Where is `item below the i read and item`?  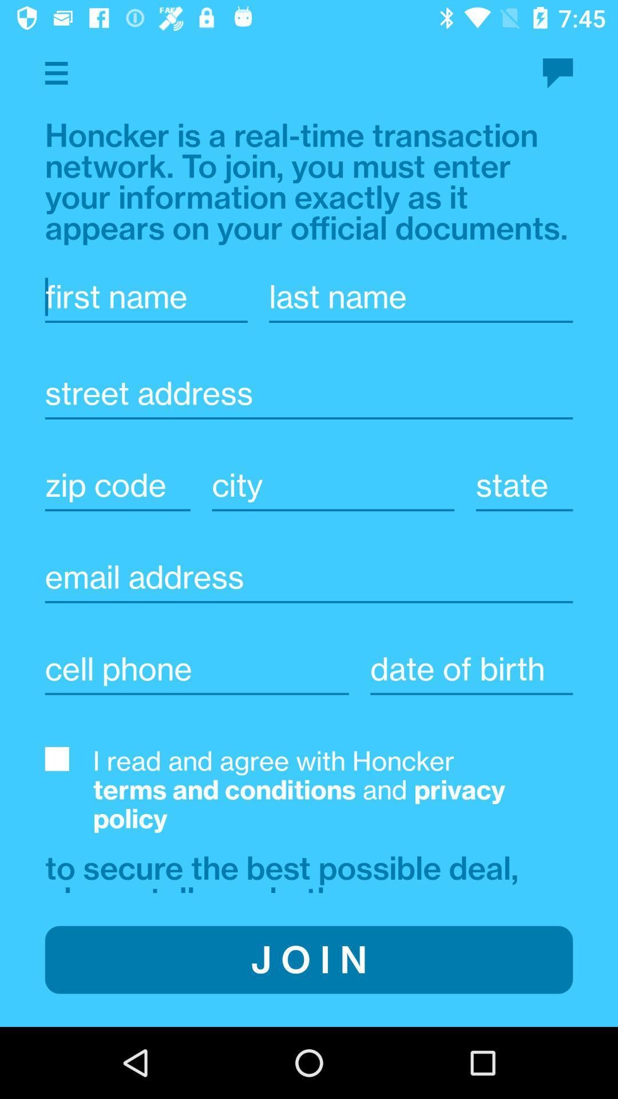 item below the i read and item is located at coordinates (286, 870).